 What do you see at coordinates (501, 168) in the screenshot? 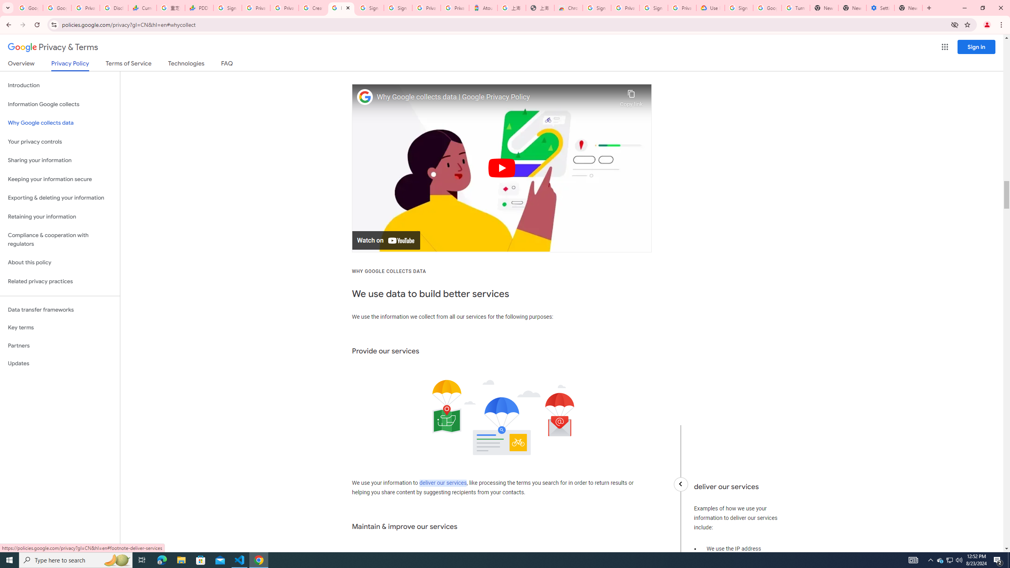
I see `'Play'` at bounding box center [501, 168].